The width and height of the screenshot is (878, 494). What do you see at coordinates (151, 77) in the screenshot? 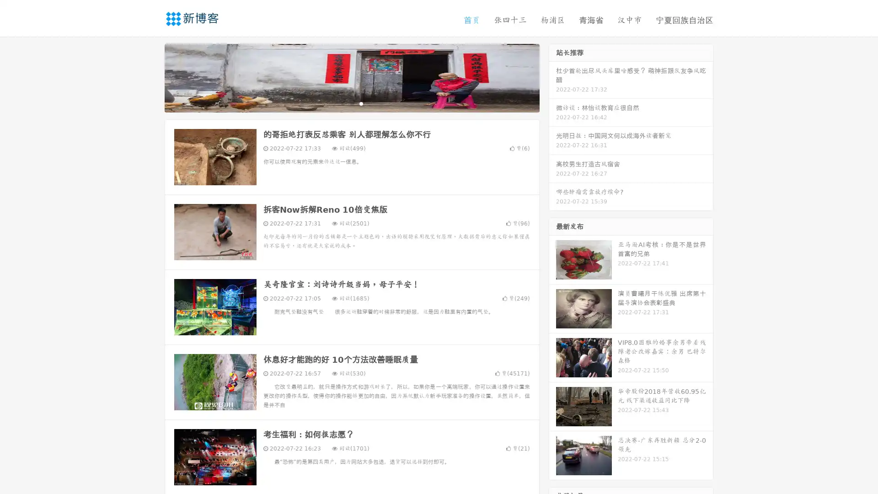
I see `Previous slide` at bounding box center [151, 77].